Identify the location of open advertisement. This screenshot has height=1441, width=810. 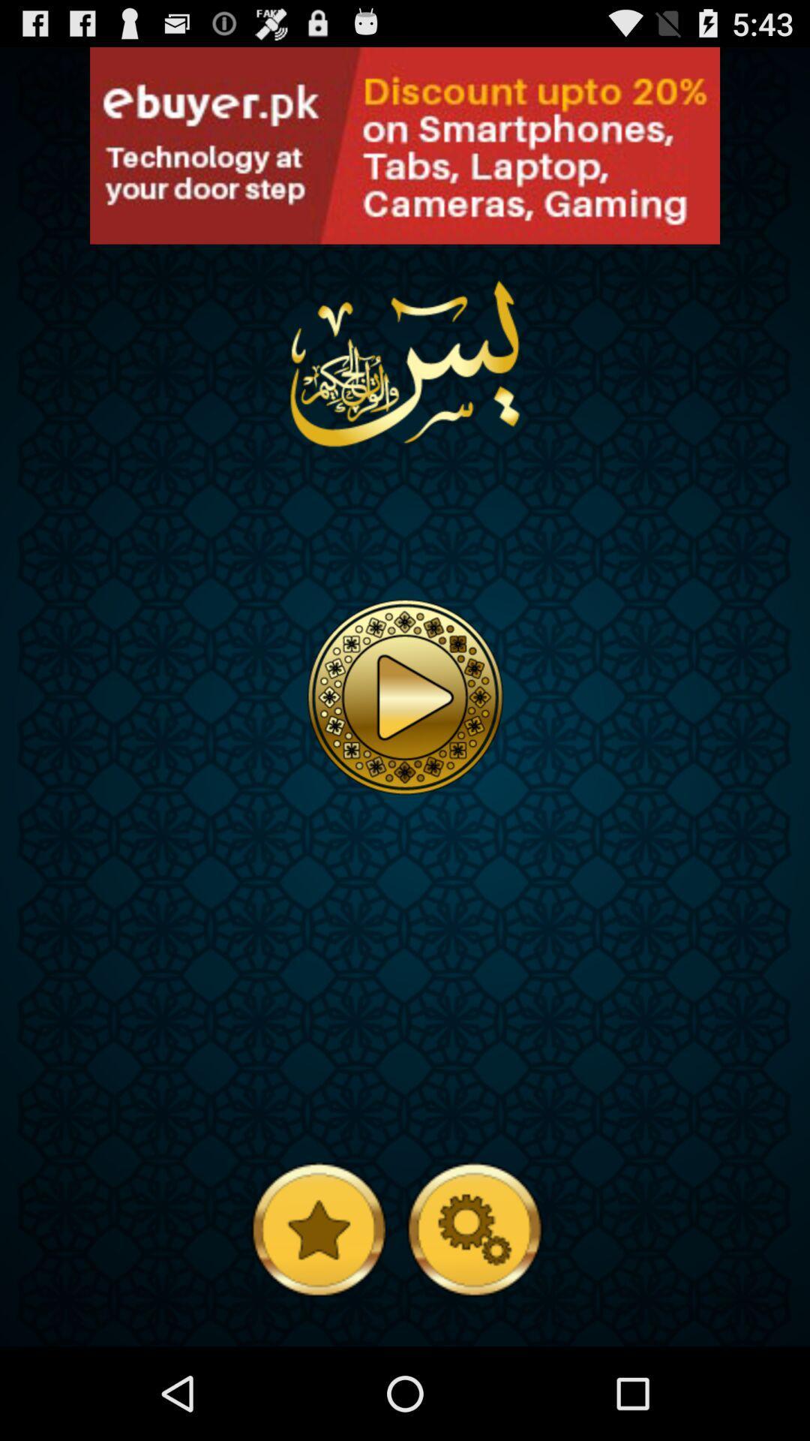
(103, 228).